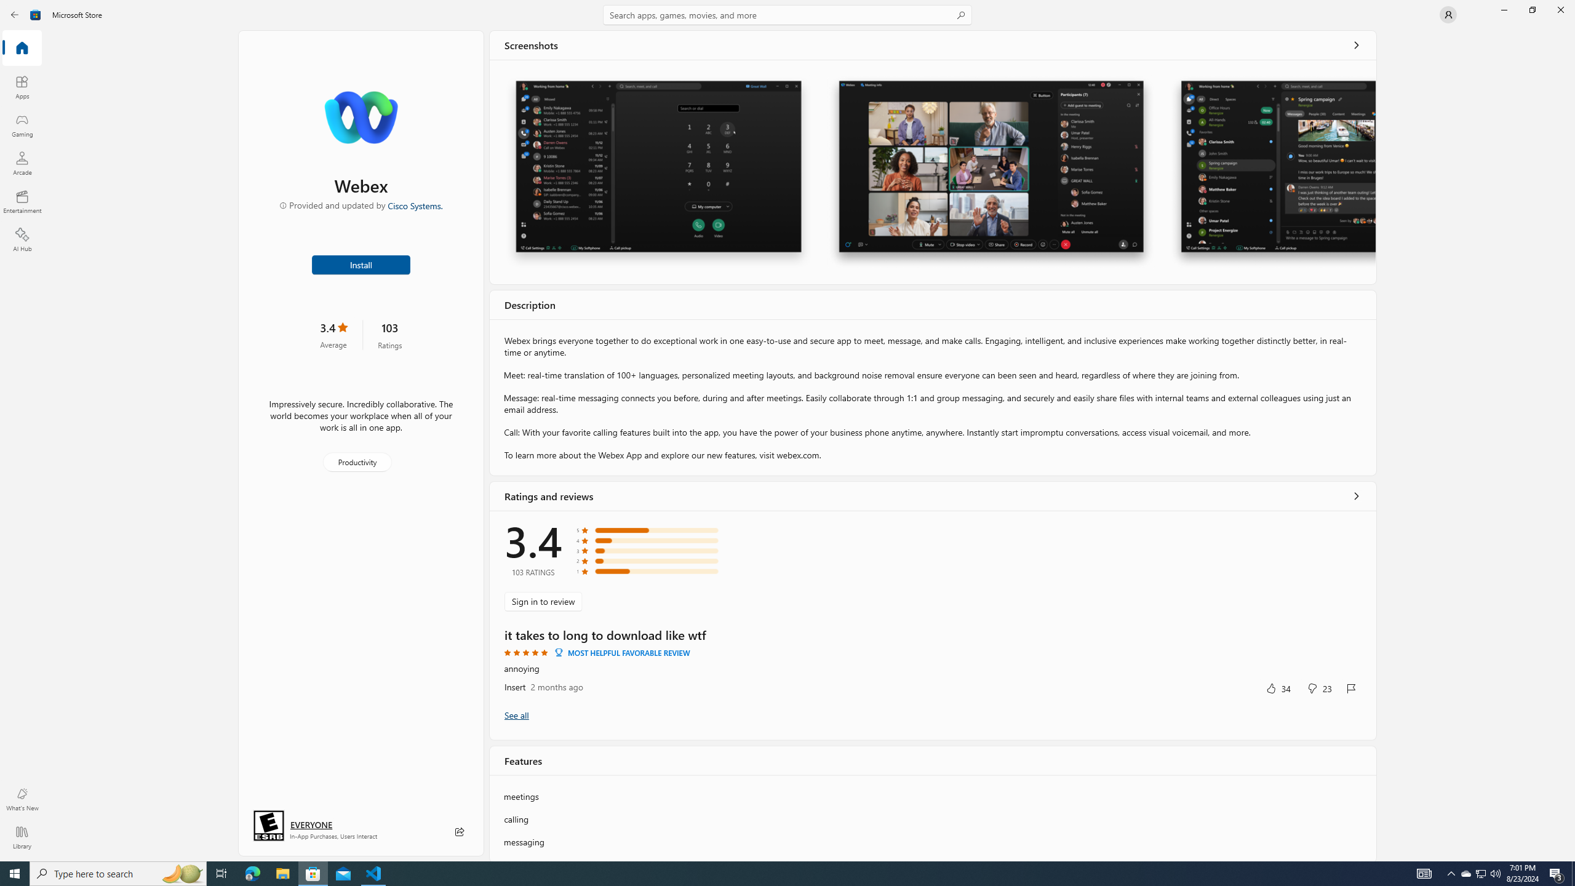 This screenshot has width=1575, height=886. I want to click on '3.4 stars. Click to skip to ratings and reviews', so click(333, 334).